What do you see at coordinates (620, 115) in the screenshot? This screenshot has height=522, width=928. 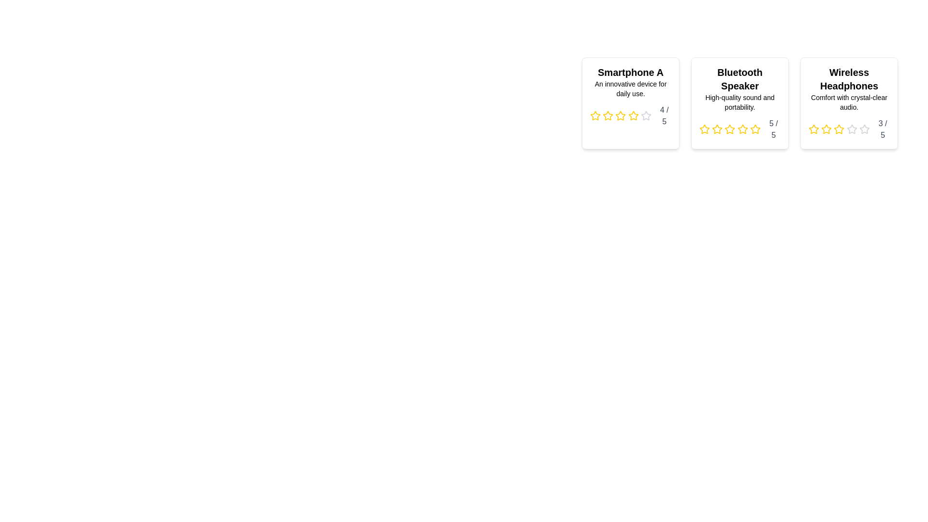 I see `the star icon corresponding to 3 stars in the rating component` at bounding box center [620, 115].